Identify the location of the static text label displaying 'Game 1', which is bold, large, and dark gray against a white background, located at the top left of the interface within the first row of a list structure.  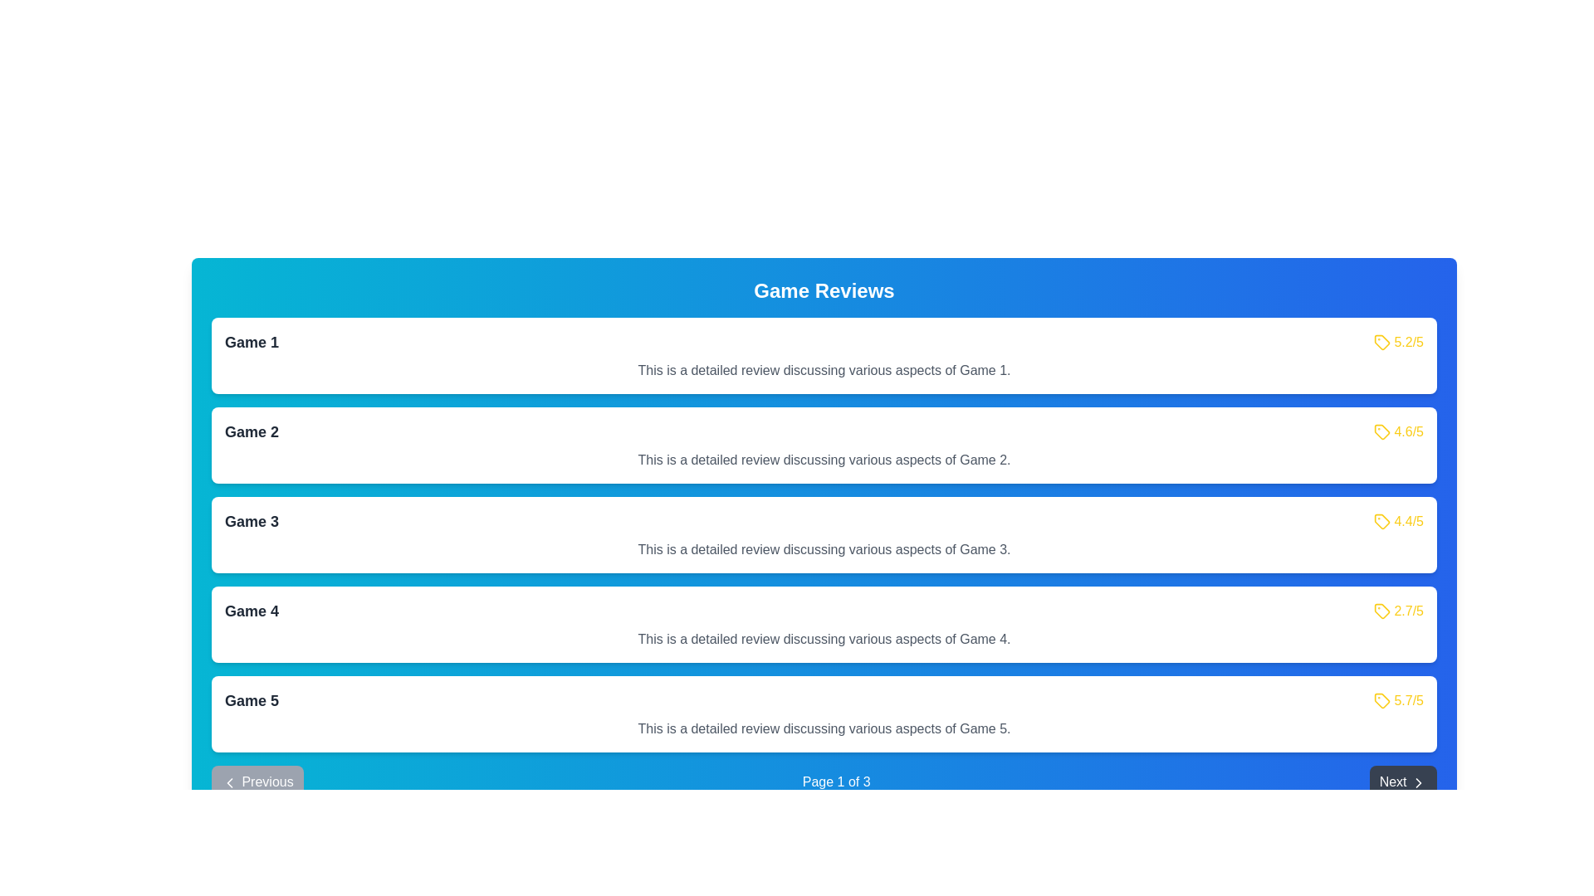
(251, 341).